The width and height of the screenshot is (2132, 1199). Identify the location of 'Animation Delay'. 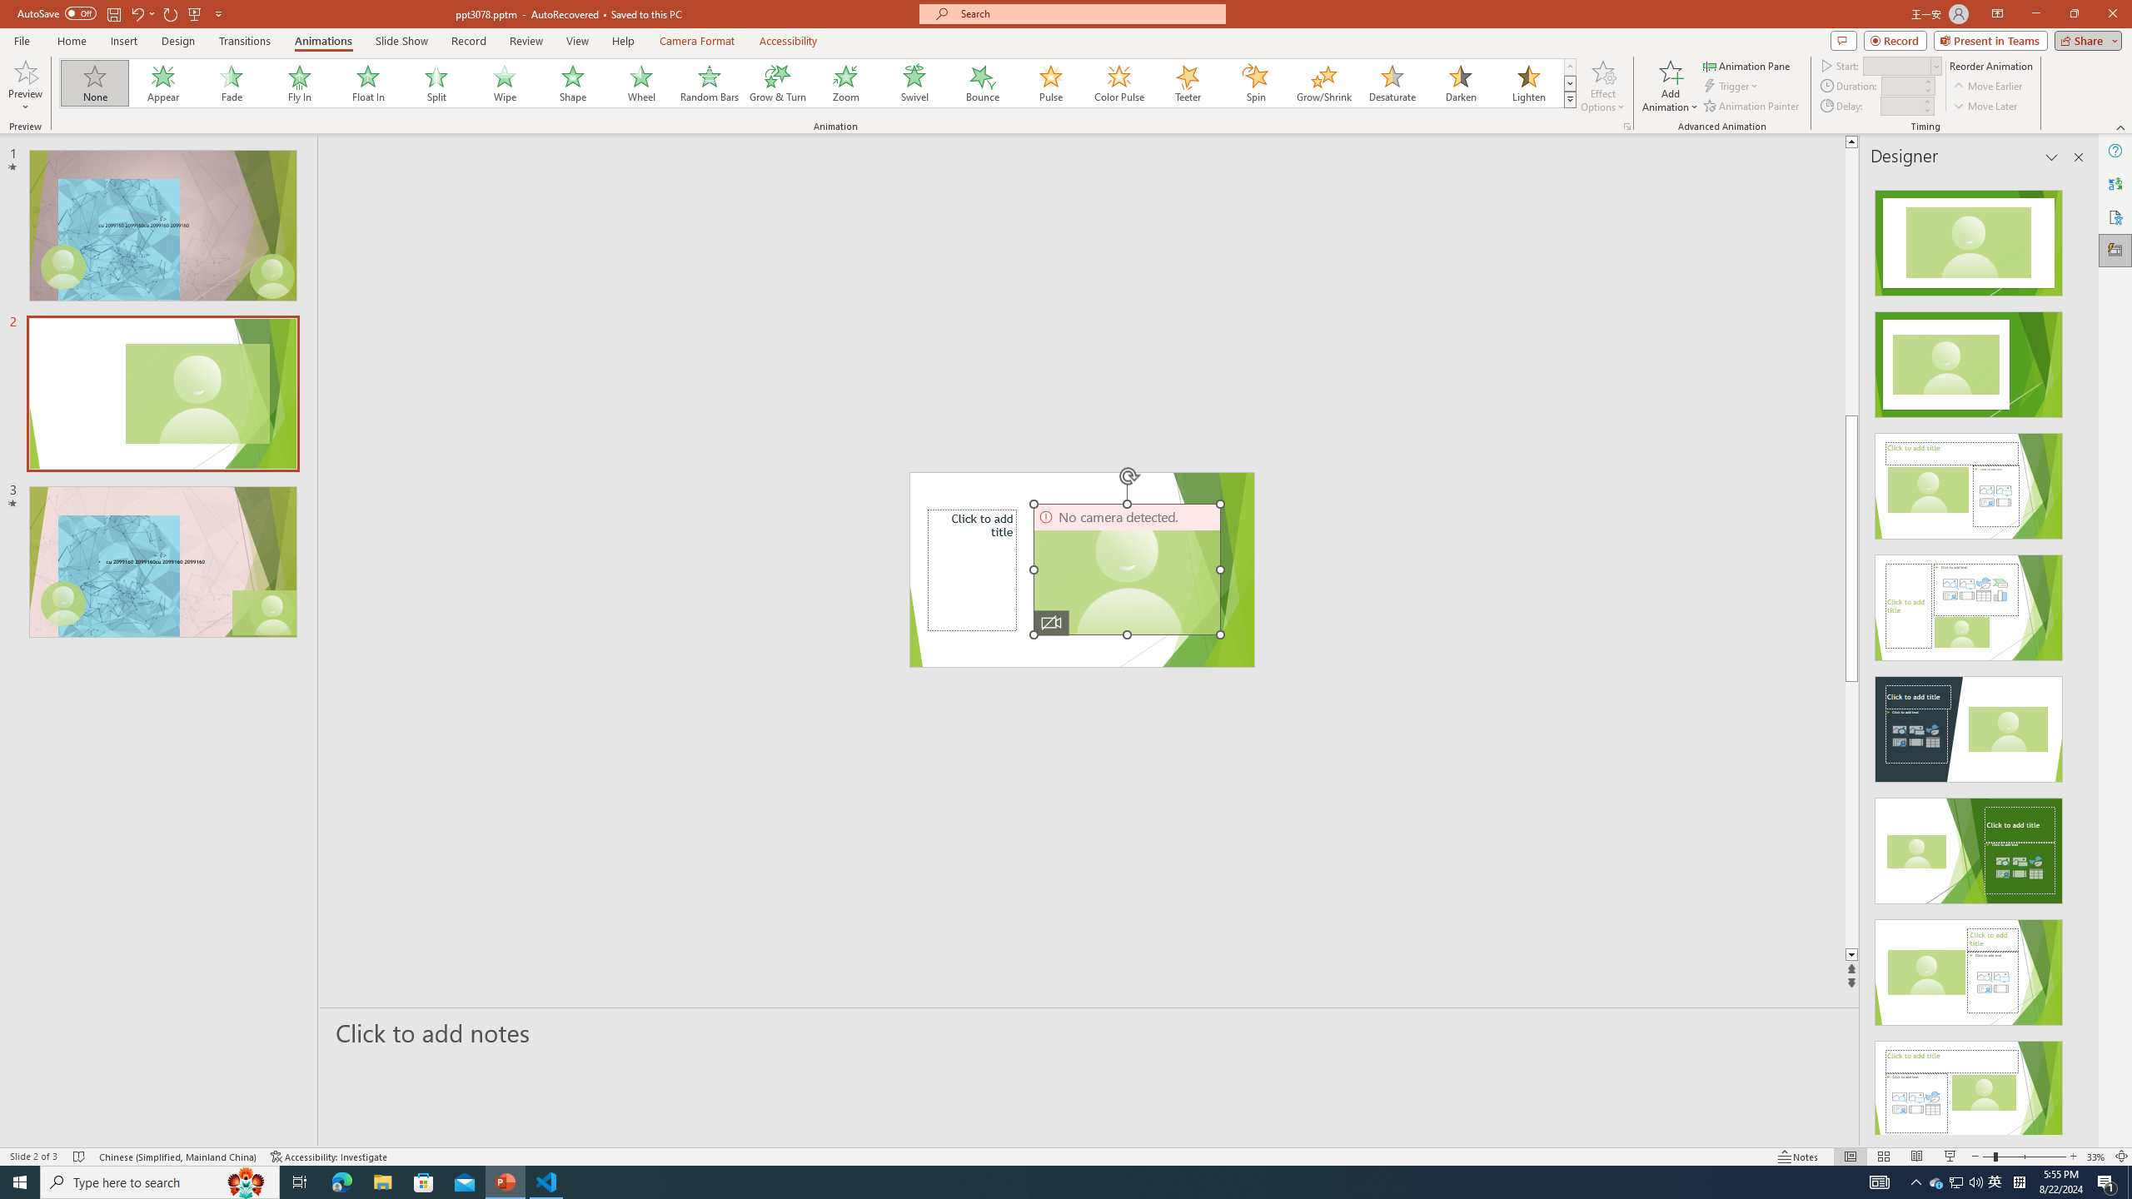
(1898, 105).